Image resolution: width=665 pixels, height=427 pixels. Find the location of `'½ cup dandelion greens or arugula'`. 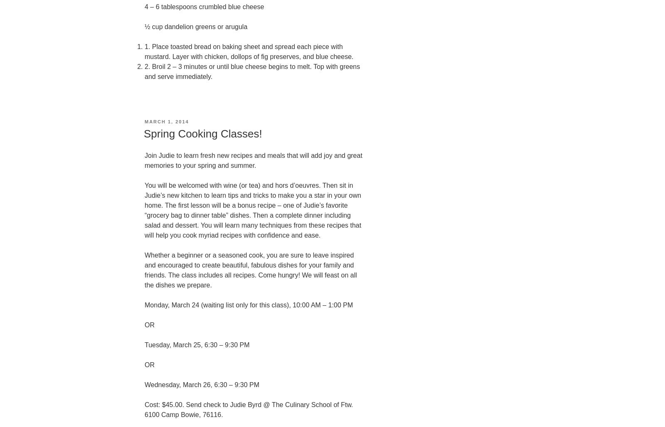

'½ cup dandelion greens or arugula' is located at coordinates (195, 26).